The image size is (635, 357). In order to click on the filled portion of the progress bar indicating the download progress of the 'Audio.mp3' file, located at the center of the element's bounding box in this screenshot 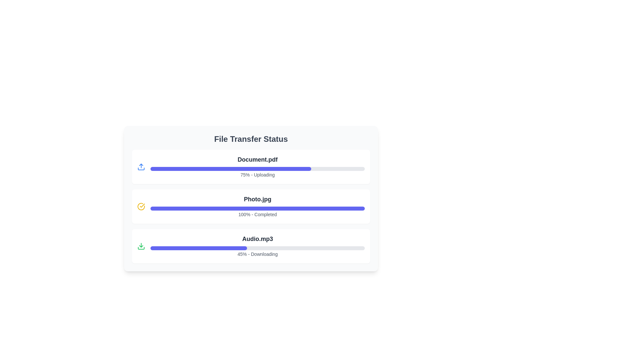, I will do `click(198, 248)`.